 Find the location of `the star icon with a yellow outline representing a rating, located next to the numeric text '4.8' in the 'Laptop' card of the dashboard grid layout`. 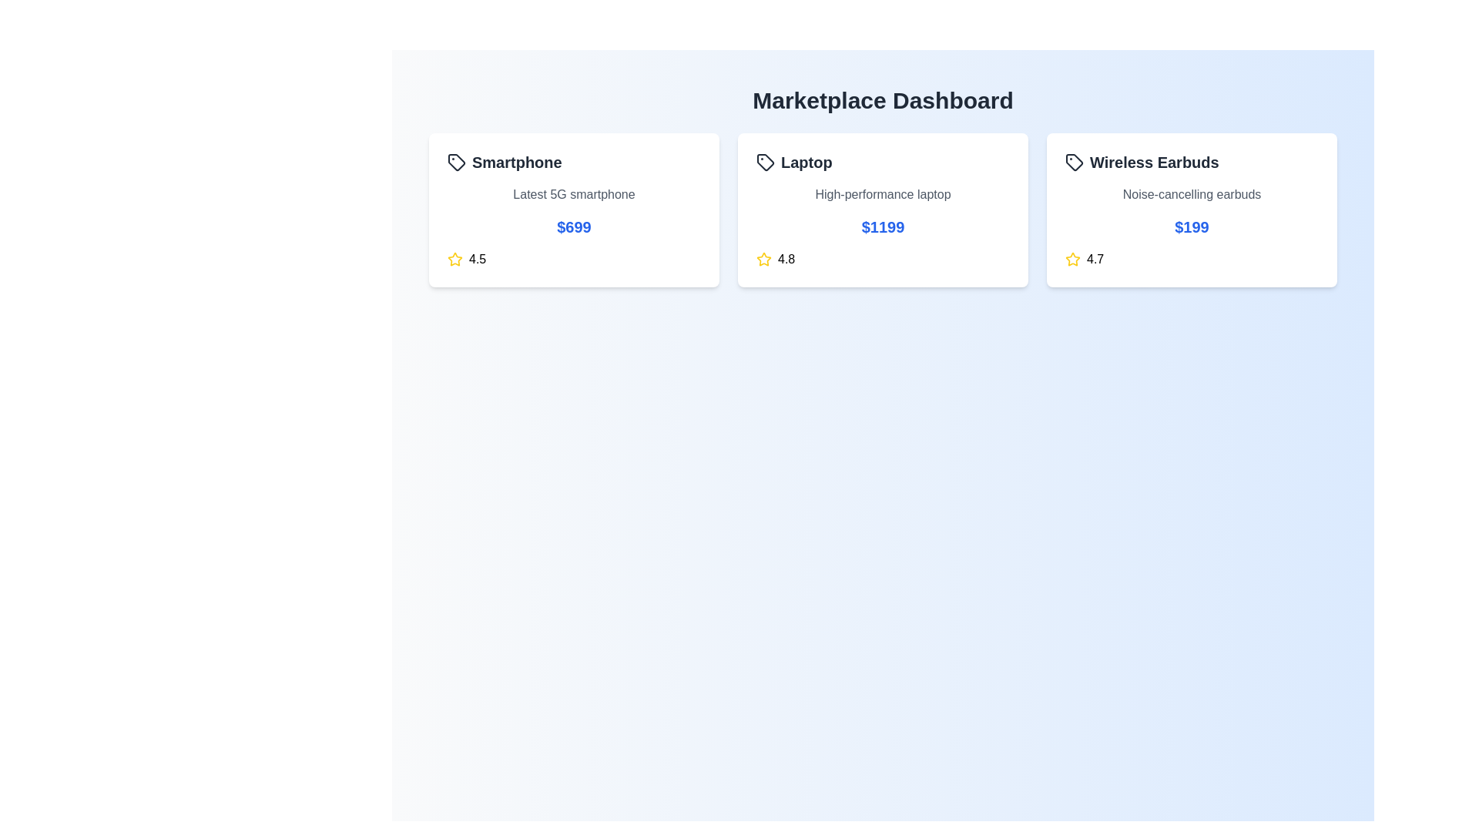

the star icon with a yellow outline representing a rating, located next to the numeric text '4.8' in the 'Laptop' card of the dashboard grid layout is located at coordinates (764, 258).